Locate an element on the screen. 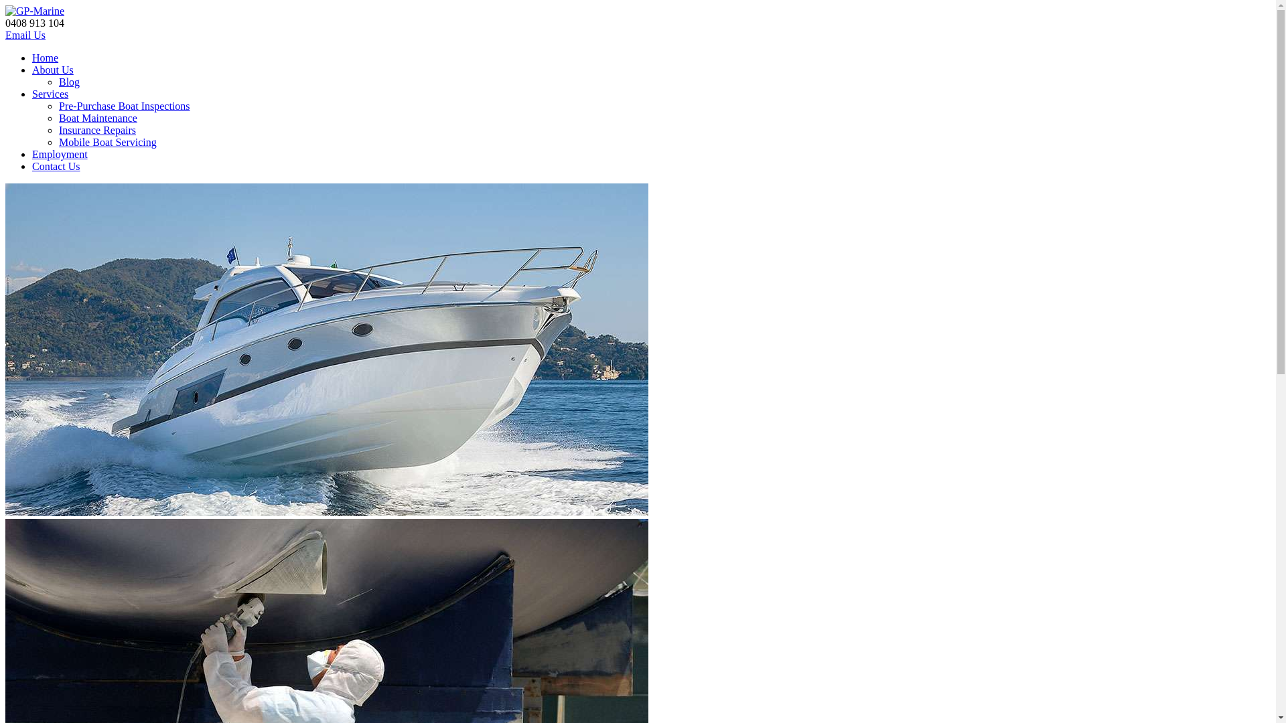 The width and height of the screenshot is (1286, 723). 'Services' is located at coordinates (50, 93).